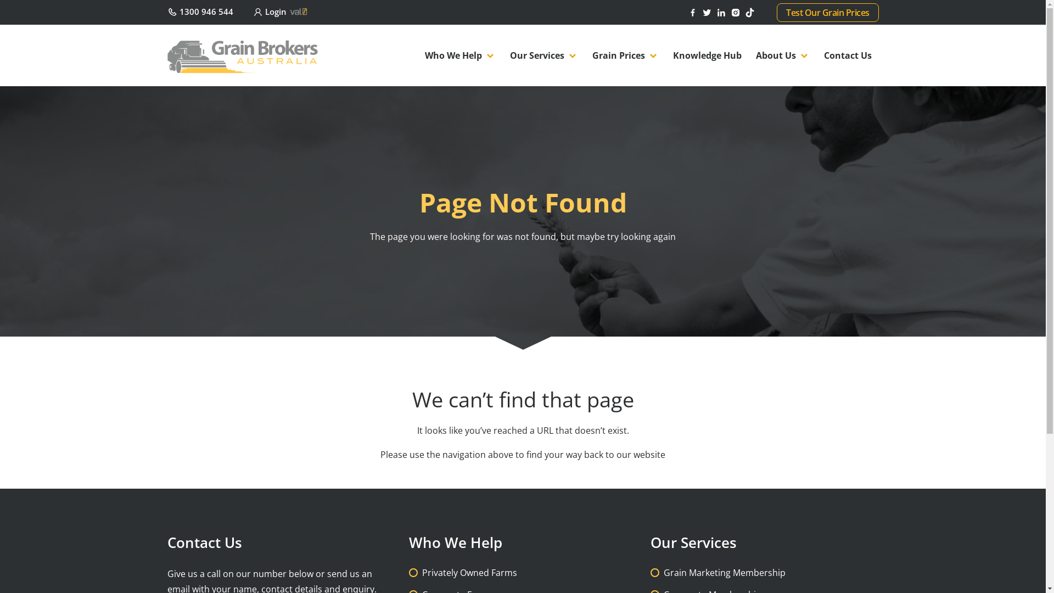  I want to click on 'About Us', so click(782, 55).